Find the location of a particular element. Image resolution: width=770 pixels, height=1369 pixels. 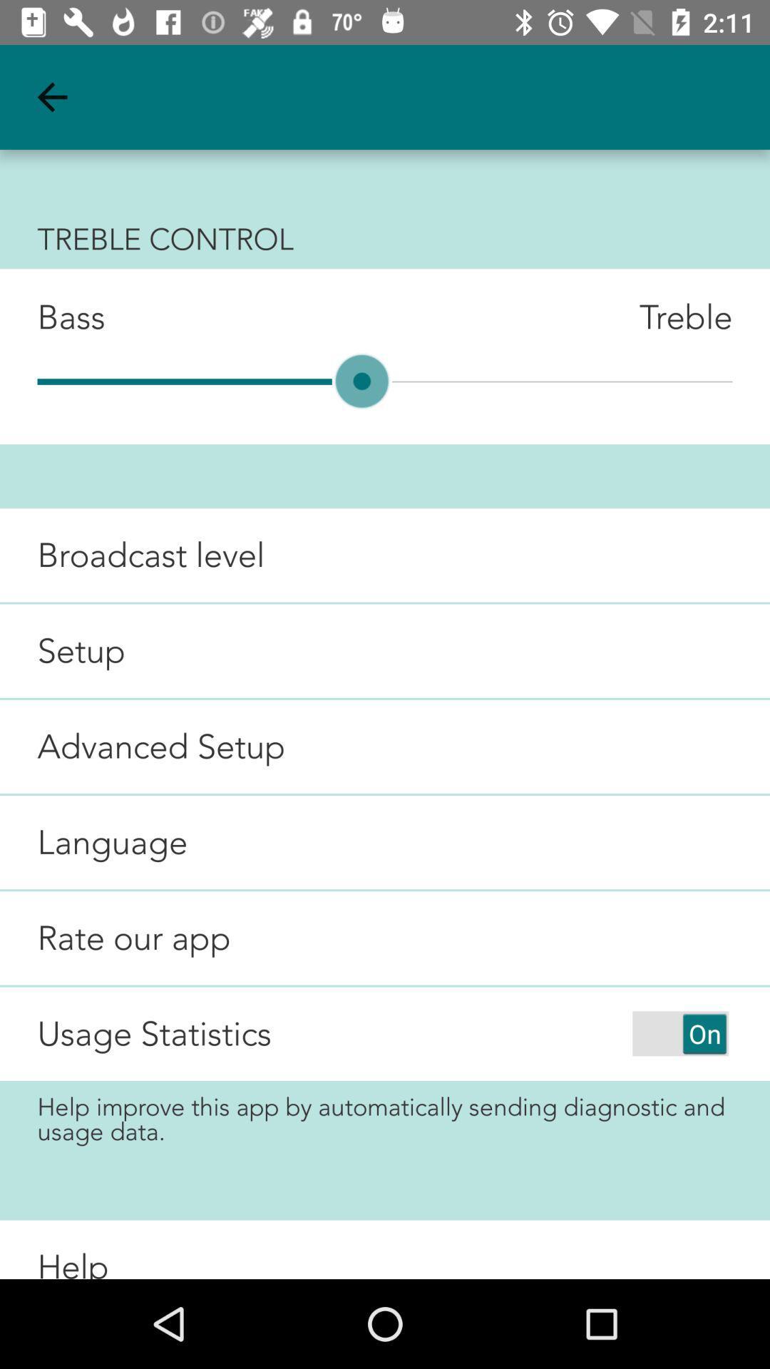

automatic error reports is located at coordinates (679, 1033).